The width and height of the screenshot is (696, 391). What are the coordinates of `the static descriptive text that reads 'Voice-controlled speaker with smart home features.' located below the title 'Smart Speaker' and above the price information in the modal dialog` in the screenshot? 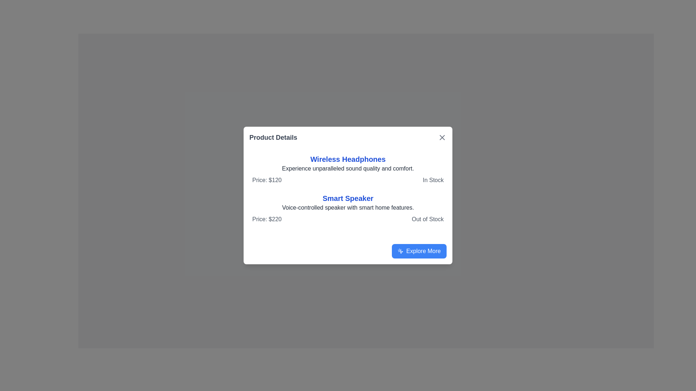 It's located at (348, 208).